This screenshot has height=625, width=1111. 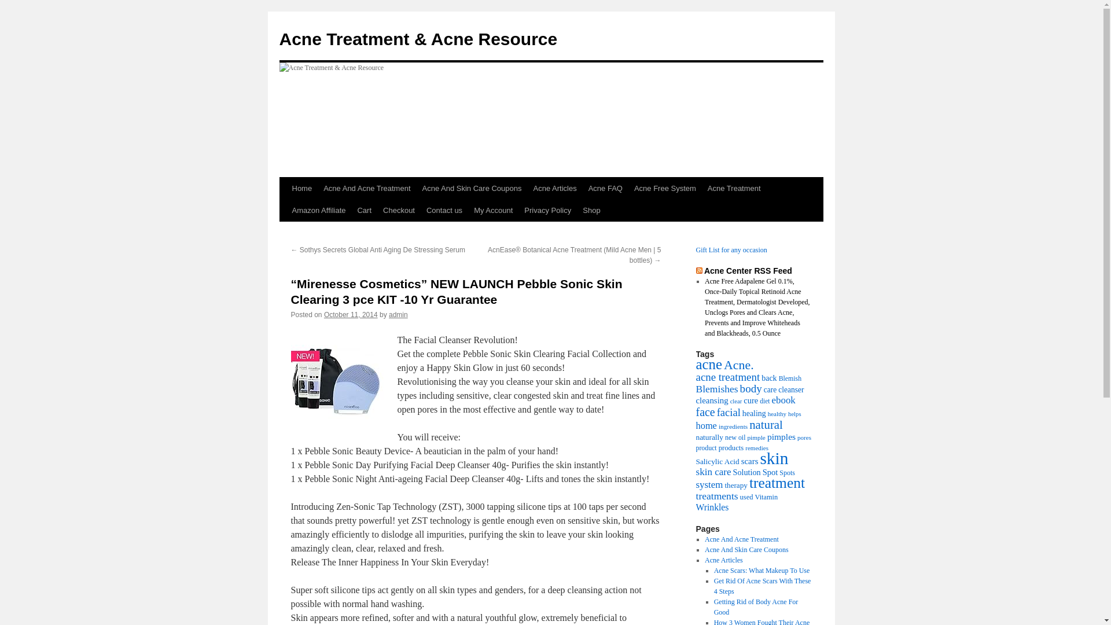 I want to click on 'Salicylic Acid', so click(x=716, y=461).